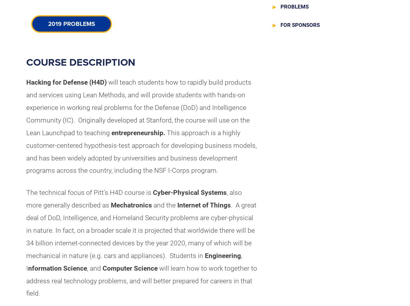 This screenshot has height=306, width=410. I want to click on '2019 Problems', so click(47, 23).